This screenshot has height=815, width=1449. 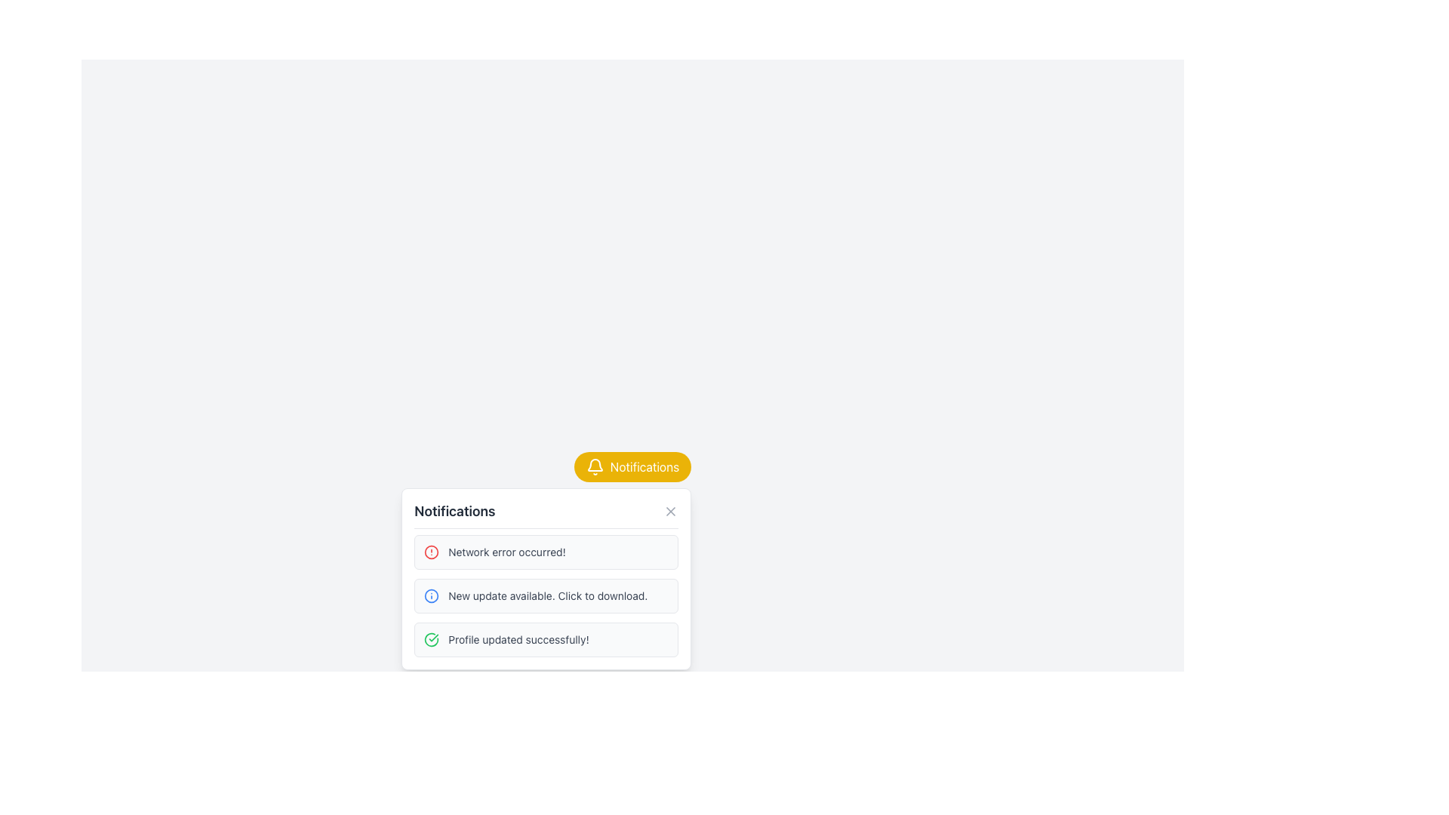 What do you see at coordinates (431, 640) in the screenshot?
I see `the green circular icon with a checkmark that indicates a successful operation, located to the left of the text 'Profile updated successfully!' in the notifications list` at bounding box center [431, 640].